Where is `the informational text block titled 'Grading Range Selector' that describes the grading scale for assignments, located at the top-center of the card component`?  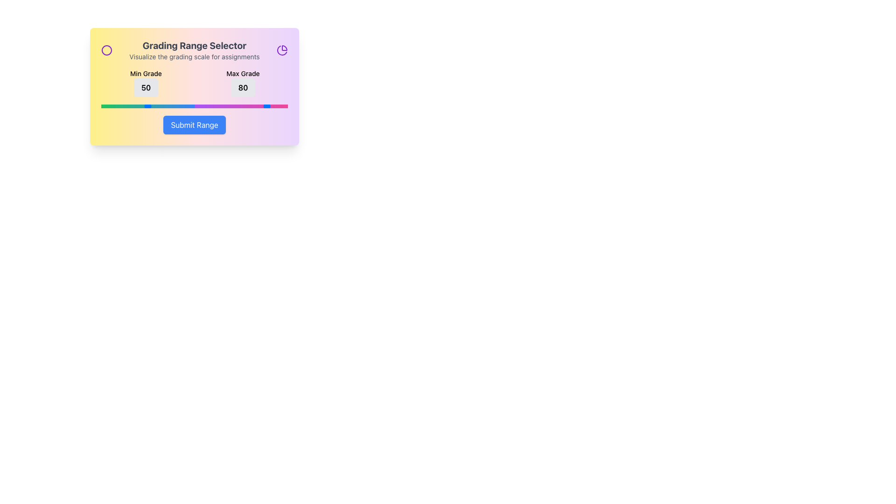 the informational text block titled 'Grading Range Selector' that describes the grading scale for assignments, located at the top-center of the card component is located at coordinates (194, 50).